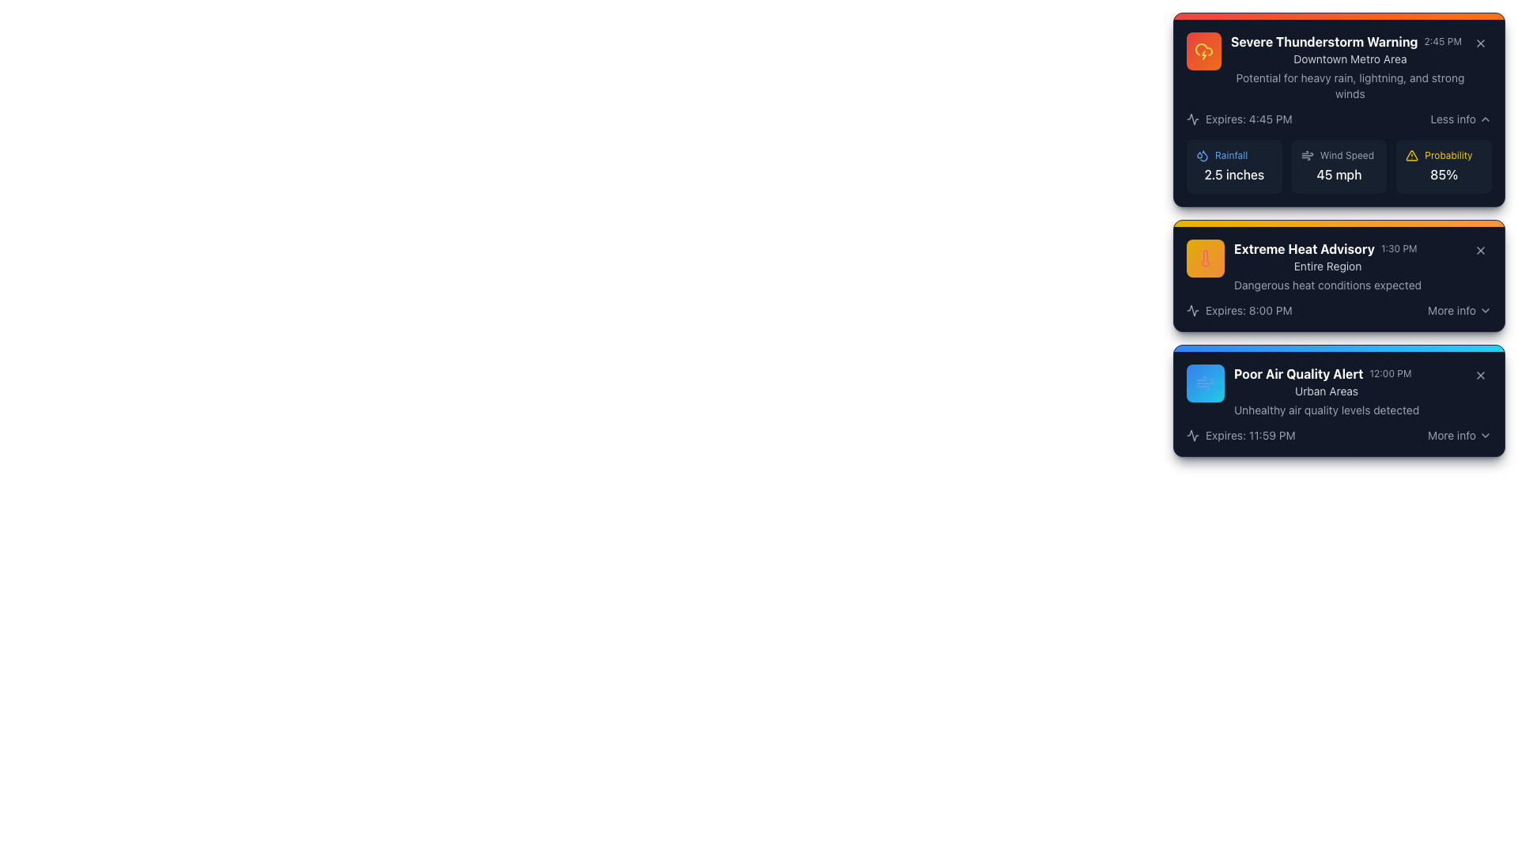  I want to click on the triangular warning icon with a yellow outline located in the 'Severe Thunderstorm Warning' notification card, adjacent to the 'Probability' label, so click(1412, 155).